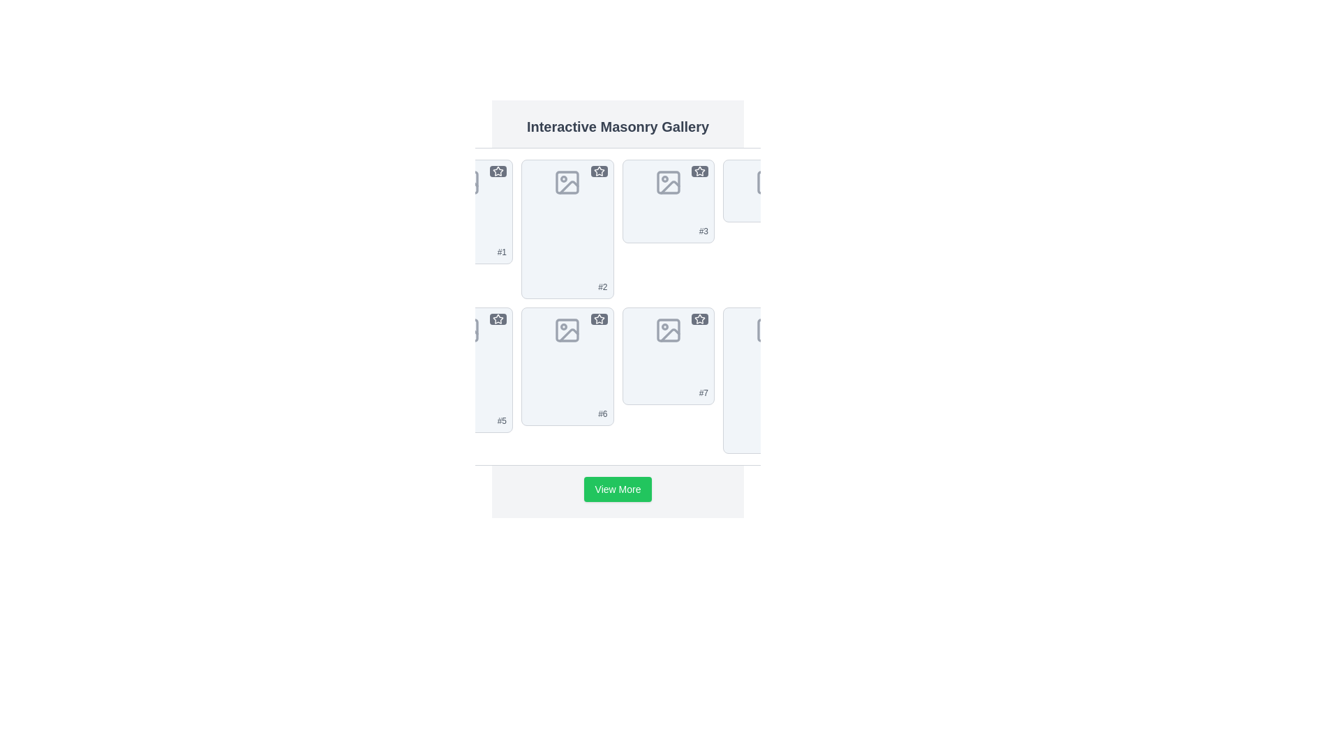 The image size is (1340, 753). What do you see at coordinates (599, 318) in the screenshot?
I see `the star icon in the top-left corner of the sixth card in the masonry-style grid layout to mark or favorite it` at bounding box center [599, 318].